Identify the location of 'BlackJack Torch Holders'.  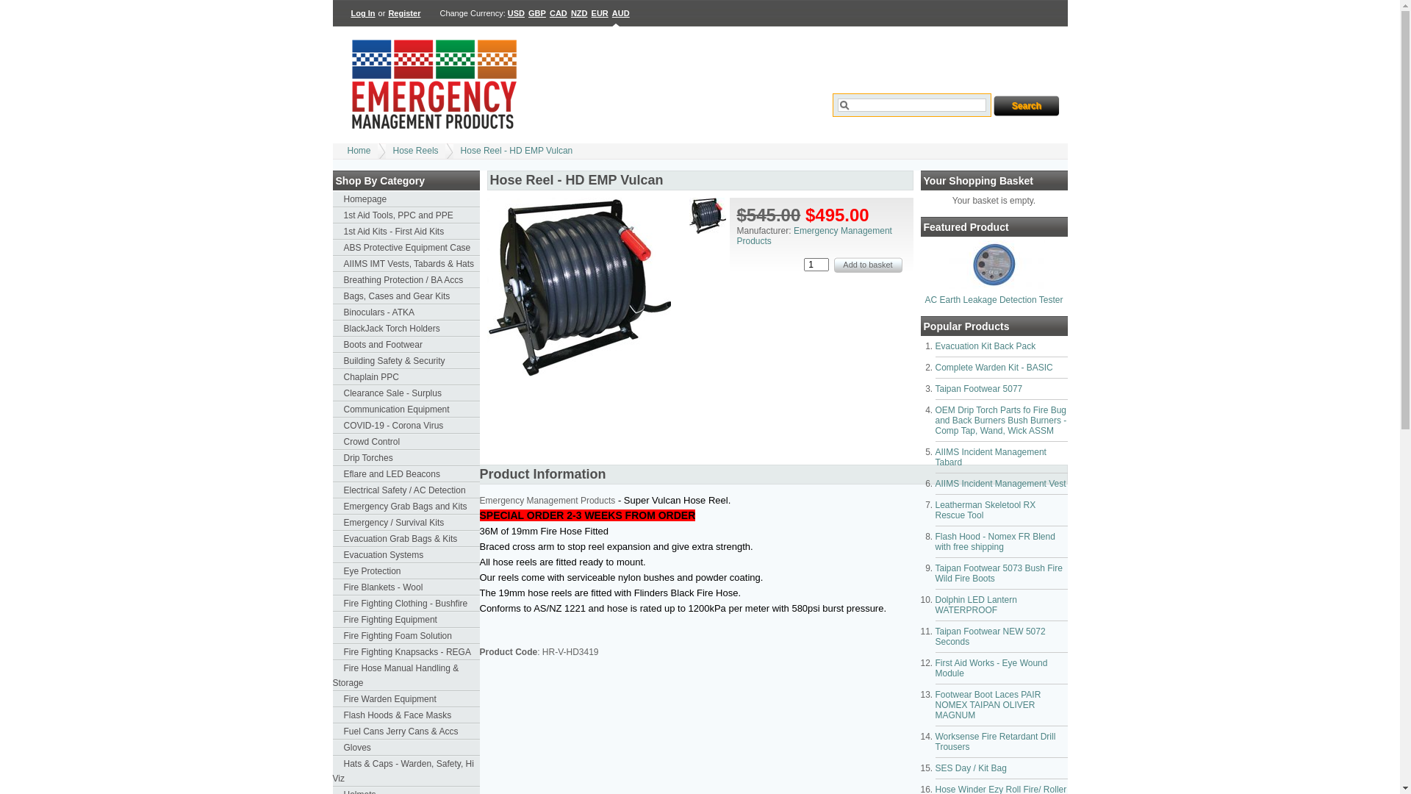
(406, 328).